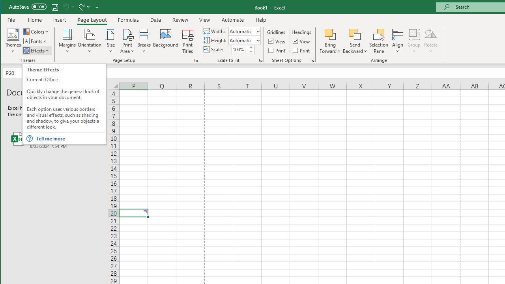  What do you see at coordinates (241, 31) in the screenshot?
I see `'Width'` at bounding box center [241, 31].